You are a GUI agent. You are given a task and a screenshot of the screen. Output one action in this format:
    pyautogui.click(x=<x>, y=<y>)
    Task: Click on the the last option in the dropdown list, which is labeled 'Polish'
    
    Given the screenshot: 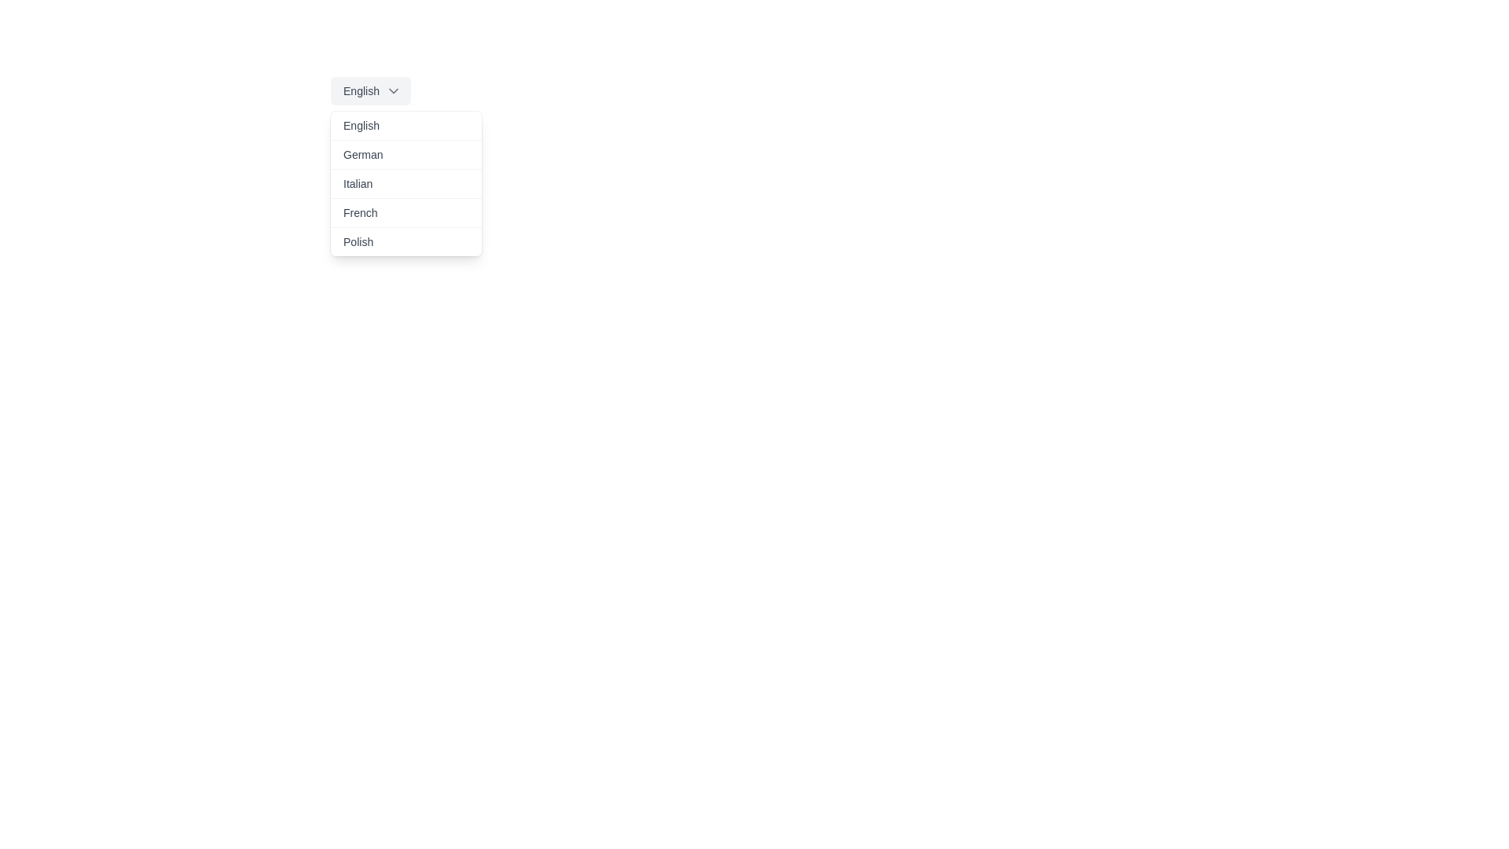 What is the action you would take?
    pyautogui.click(x=369, y=251)
    